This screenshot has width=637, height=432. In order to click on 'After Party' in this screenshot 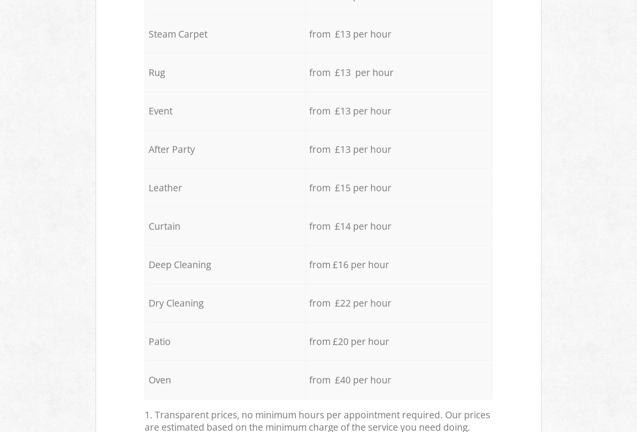, I will do `click(148, 148)`.